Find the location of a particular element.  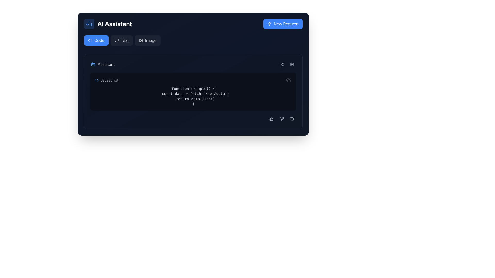

the save icon button located at the top-right corner of the code snippets section is located at coordinates (292, 64).